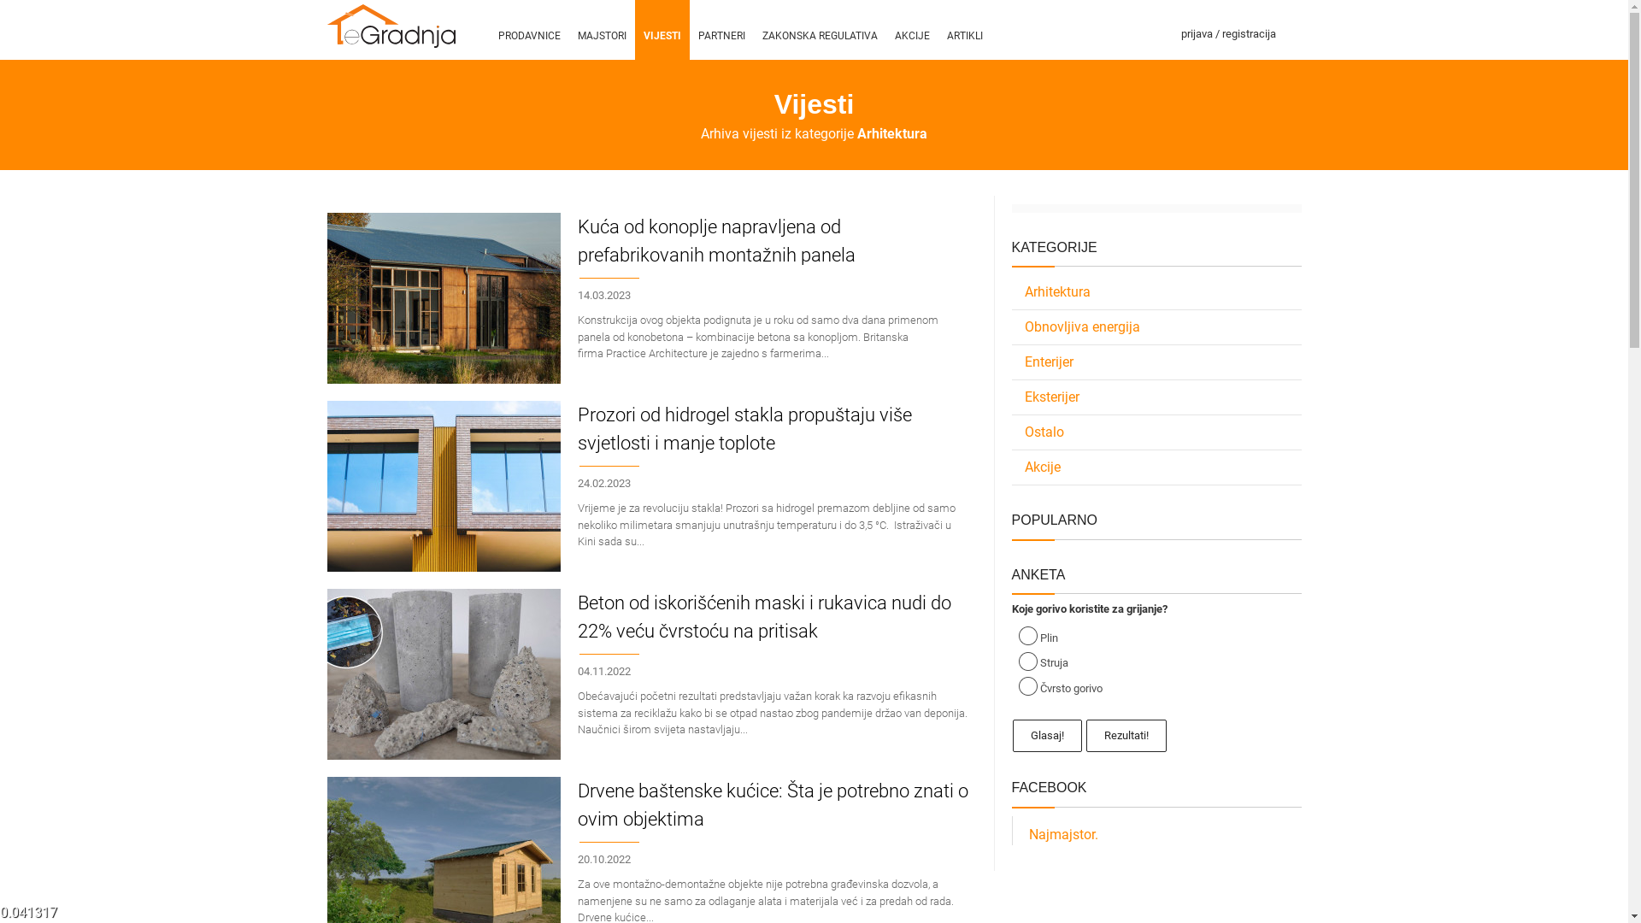  Describe the element at coordinates (910, 29) in the screenshot. I see `'AKCIJE'` at that location.